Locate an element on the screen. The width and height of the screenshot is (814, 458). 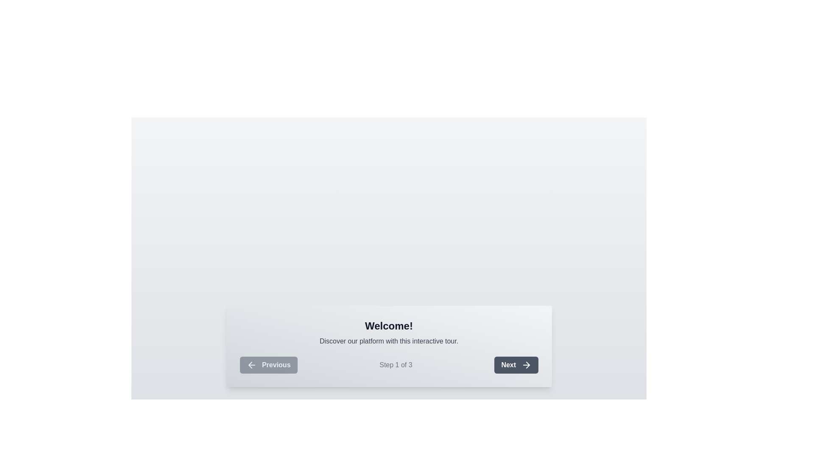
the text element that displays 'Discover our platform with this interactive tour.' which is styled in light gray and is located directly below the 'Welcome!' text is located at coordinates (388, 341).